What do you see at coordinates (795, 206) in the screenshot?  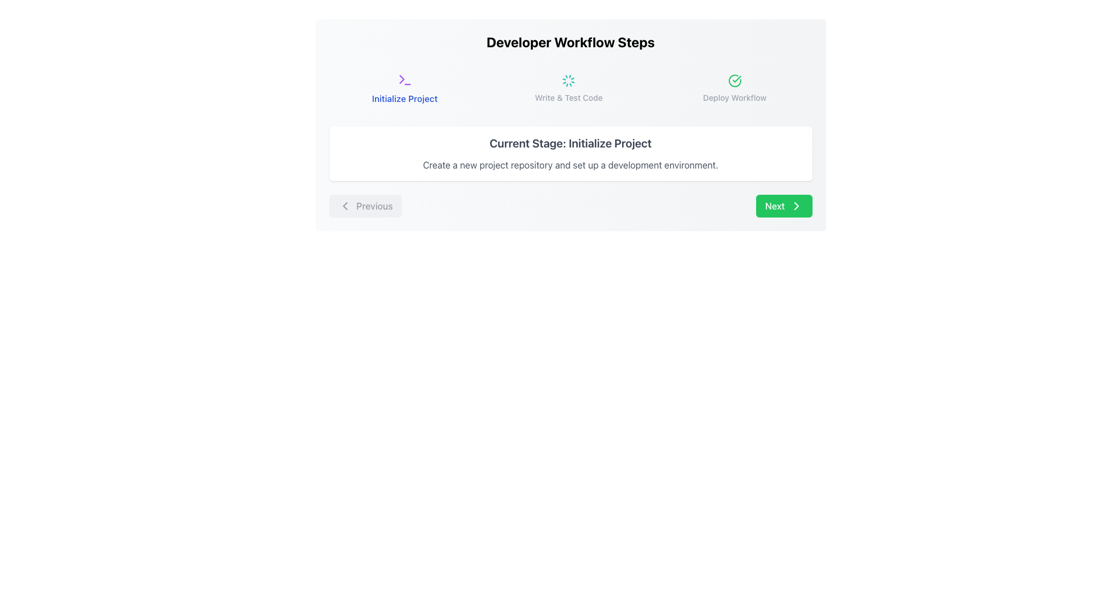 I see `the rightward chevron arrow icon, which is positioned to the far-right of the 'Next' button` at bounding box center [795, 206].